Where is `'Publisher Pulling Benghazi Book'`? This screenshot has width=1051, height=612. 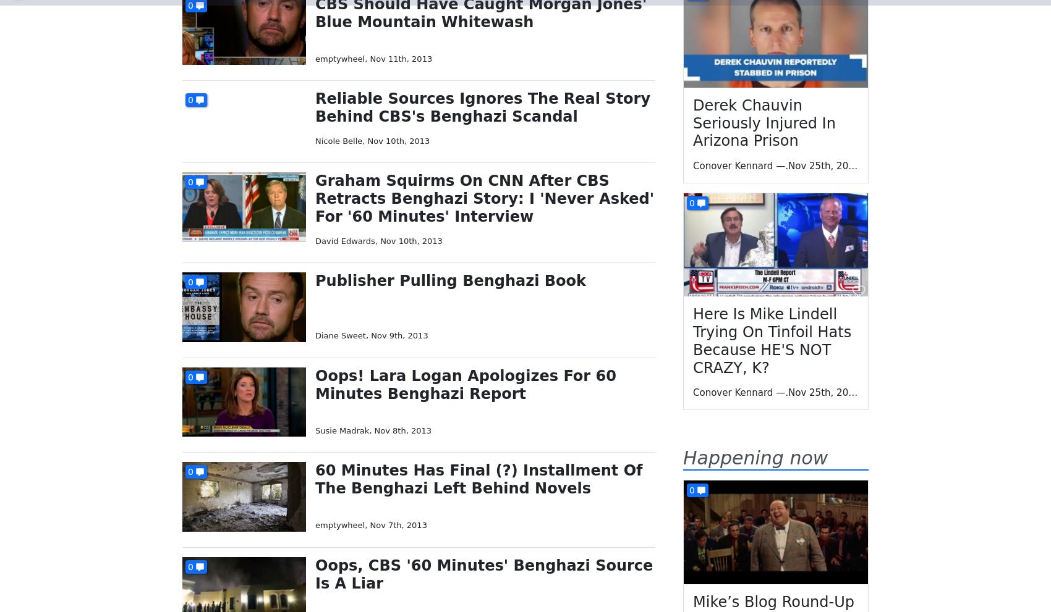
'Publisher Pulling Benghazi Book' is located at coordinates (450, 280).